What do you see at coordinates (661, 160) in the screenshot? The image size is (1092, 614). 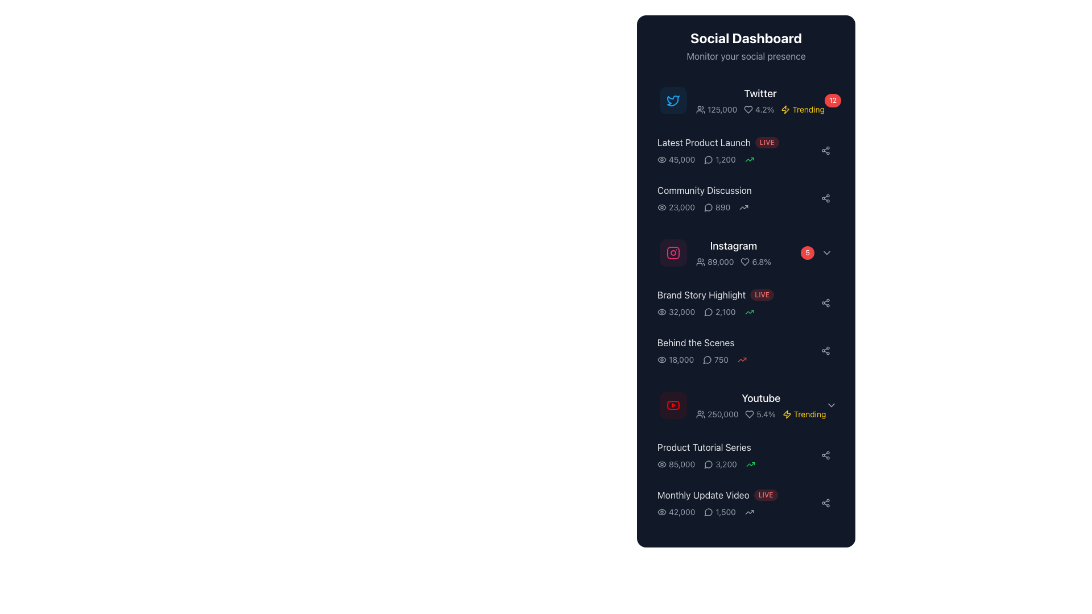 I see `the visibility indicator icon located in the 'Latest Product Launch' section of the dashboard, which is positioned to the left of the number '45,000'` at bounding box center [661, 160].